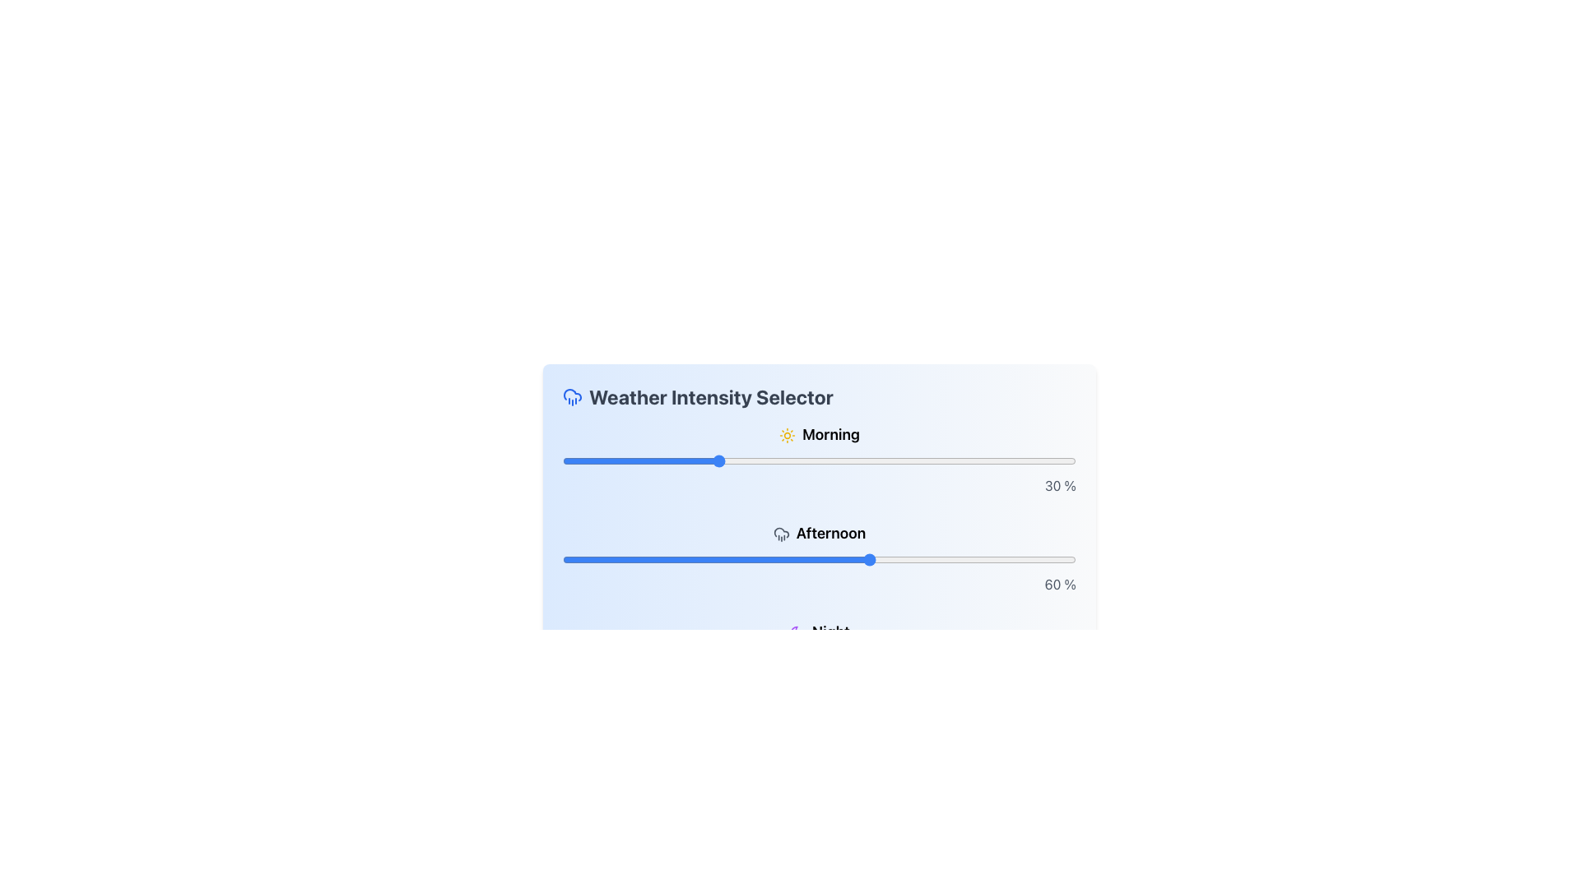 The width and height of the screenshot is (1580, 888). What do you see at coordinates (780, 534) in the screenshot?
I see `the rainy weather graphic/icon positioned to the left of the 'Afternoon' label` at bounding box center [780, 534].